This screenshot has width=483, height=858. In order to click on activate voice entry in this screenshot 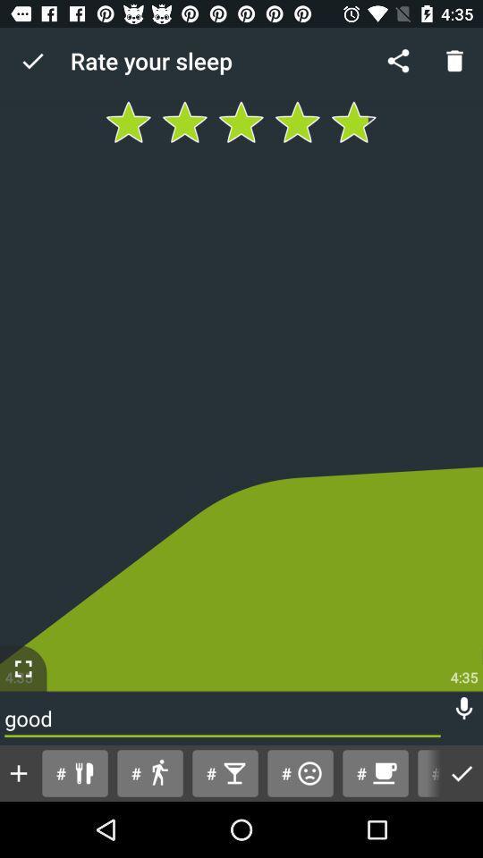, I will do `click(463, 709)`.